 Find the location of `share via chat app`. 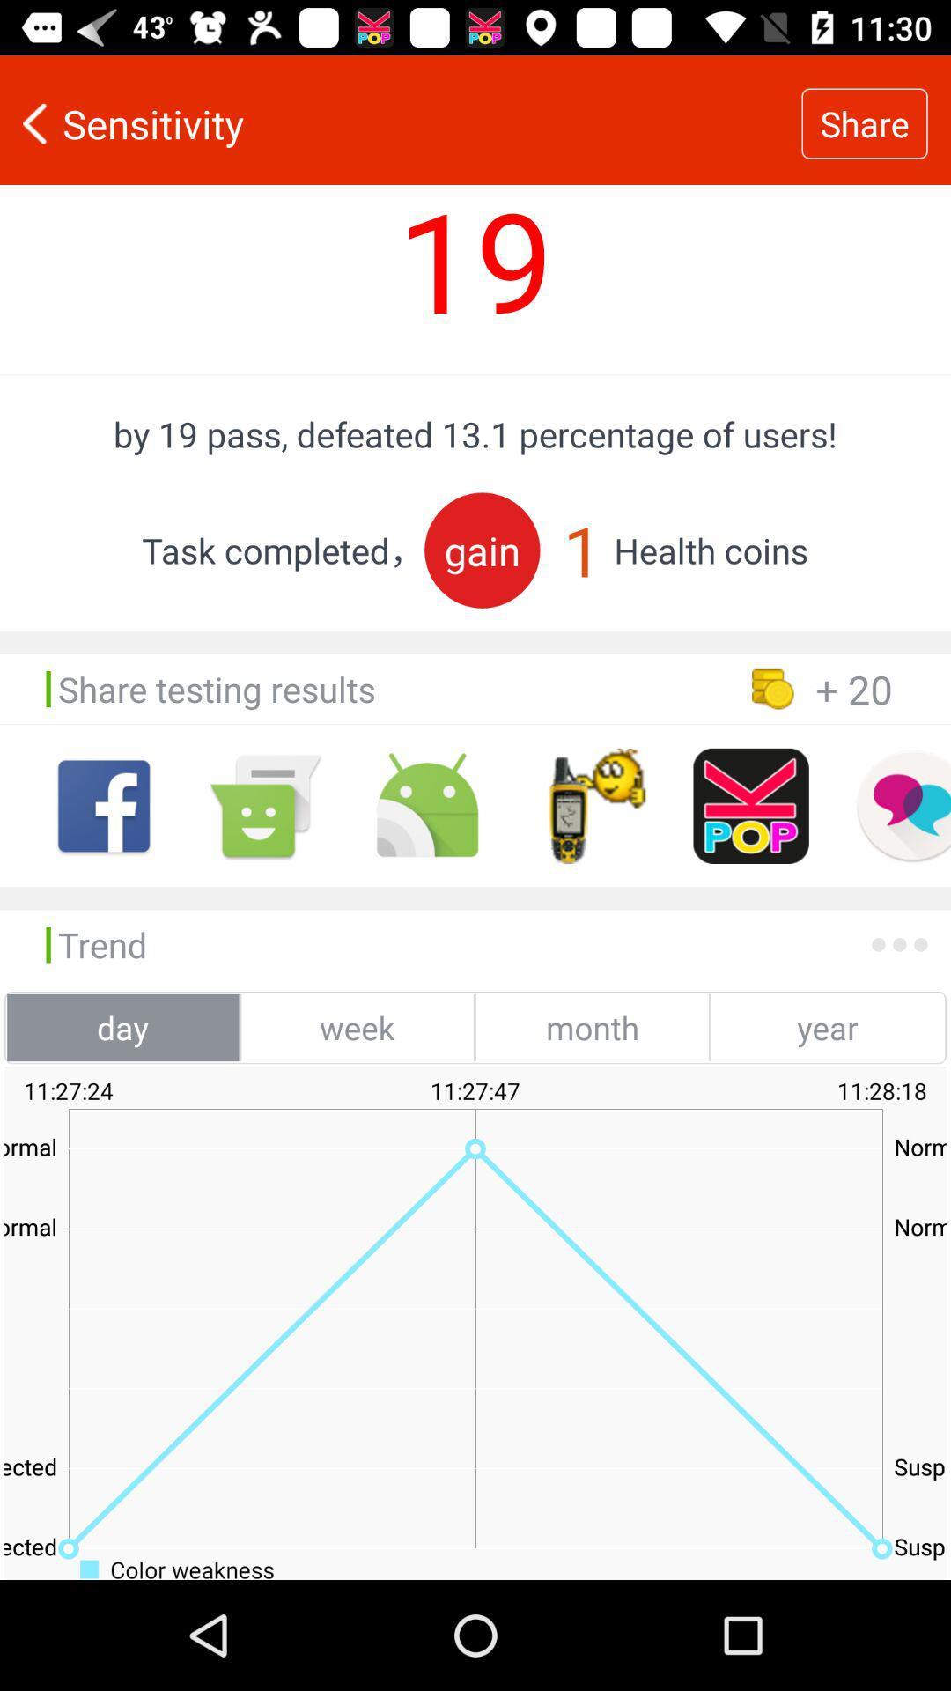

share via chat app is located at coordinates (903, 805).